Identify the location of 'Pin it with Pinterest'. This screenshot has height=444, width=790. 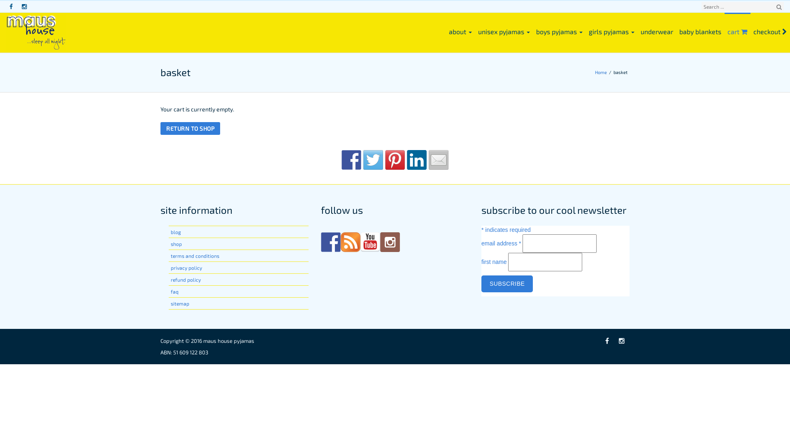
(395, 160).